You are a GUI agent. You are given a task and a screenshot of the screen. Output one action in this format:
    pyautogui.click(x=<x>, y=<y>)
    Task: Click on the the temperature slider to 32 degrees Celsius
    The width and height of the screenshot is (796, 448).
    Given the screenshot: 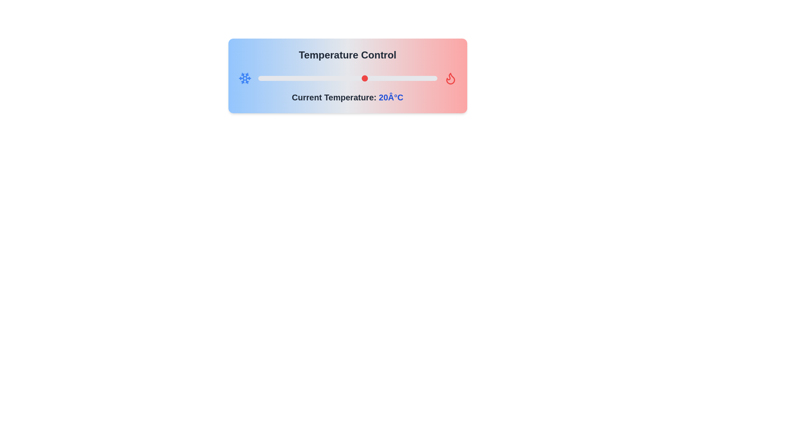 What is the action you would take?
    pyautogui.click(x=408, y=78)
    